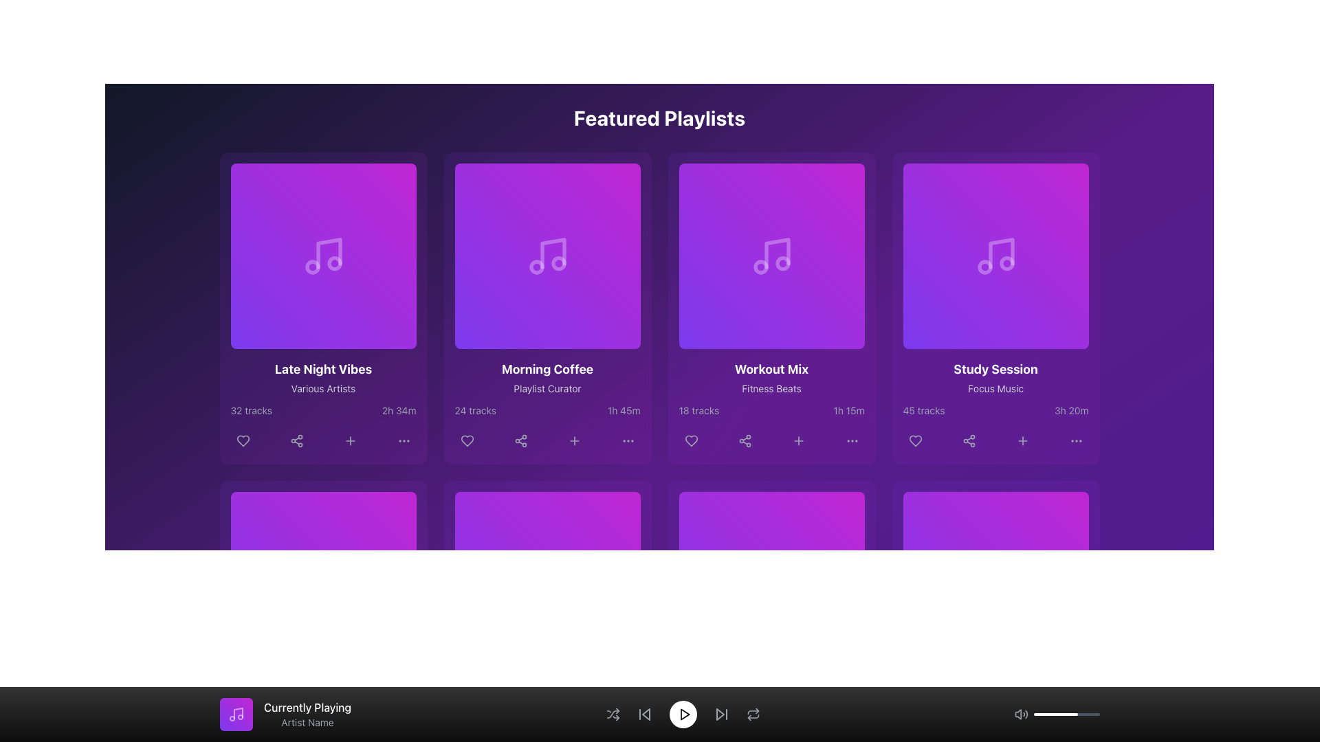 The width and height of the screenshot is (1320, 742). What do you see at coordinates (685, 714) in the screenshot?
I see `the 'Play' button, which is a circular icon located in the bottom navigation bar of the application` at bounding box center [685, 714].